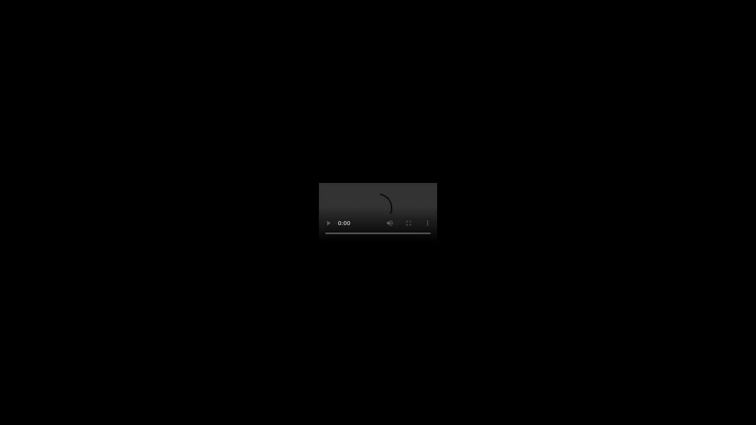  What do you see at coordinates (389, 223) in the screenshot?
I see `mute` at bounding box center [389, 223].